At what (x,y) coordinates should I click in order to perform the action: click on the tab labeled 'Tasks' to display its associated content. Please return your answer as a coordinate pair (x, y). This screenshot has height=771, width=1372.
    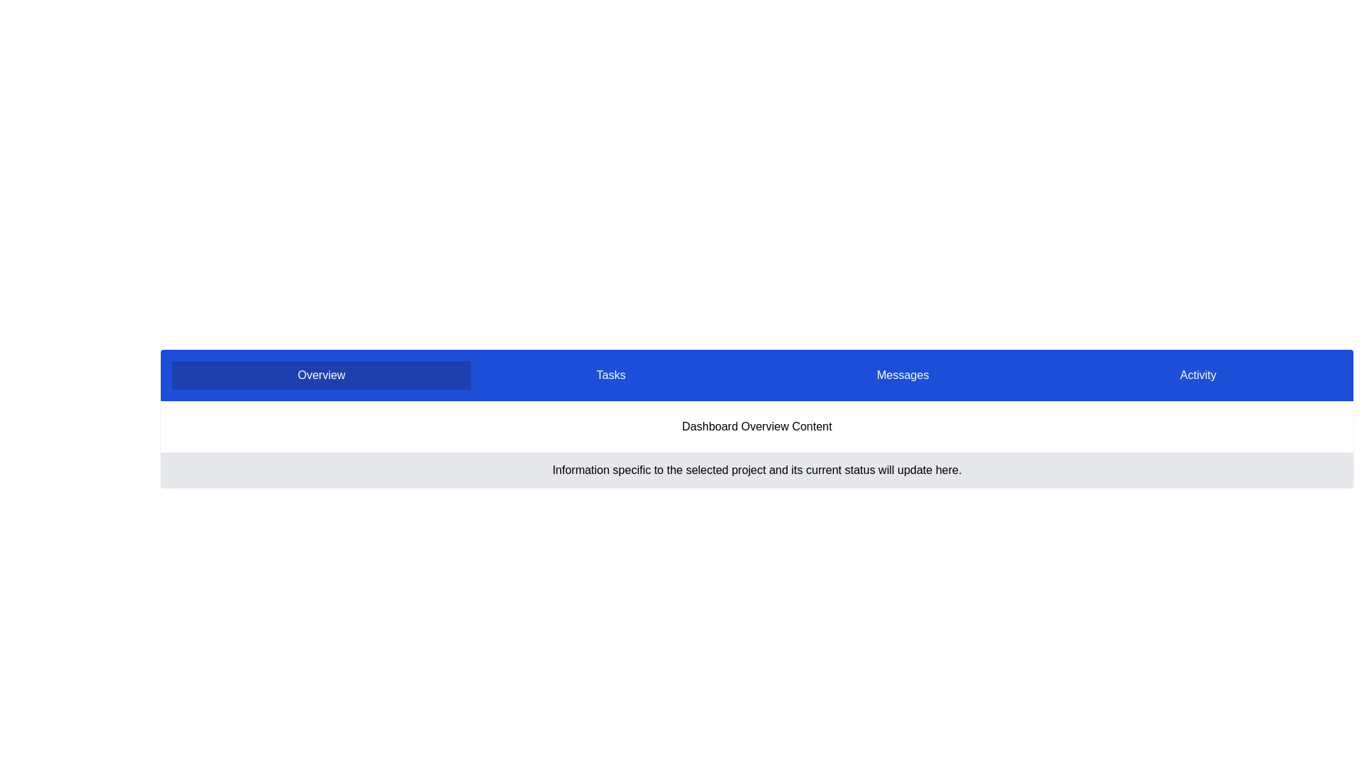
    Looking at the image, I should click on (610, 374).